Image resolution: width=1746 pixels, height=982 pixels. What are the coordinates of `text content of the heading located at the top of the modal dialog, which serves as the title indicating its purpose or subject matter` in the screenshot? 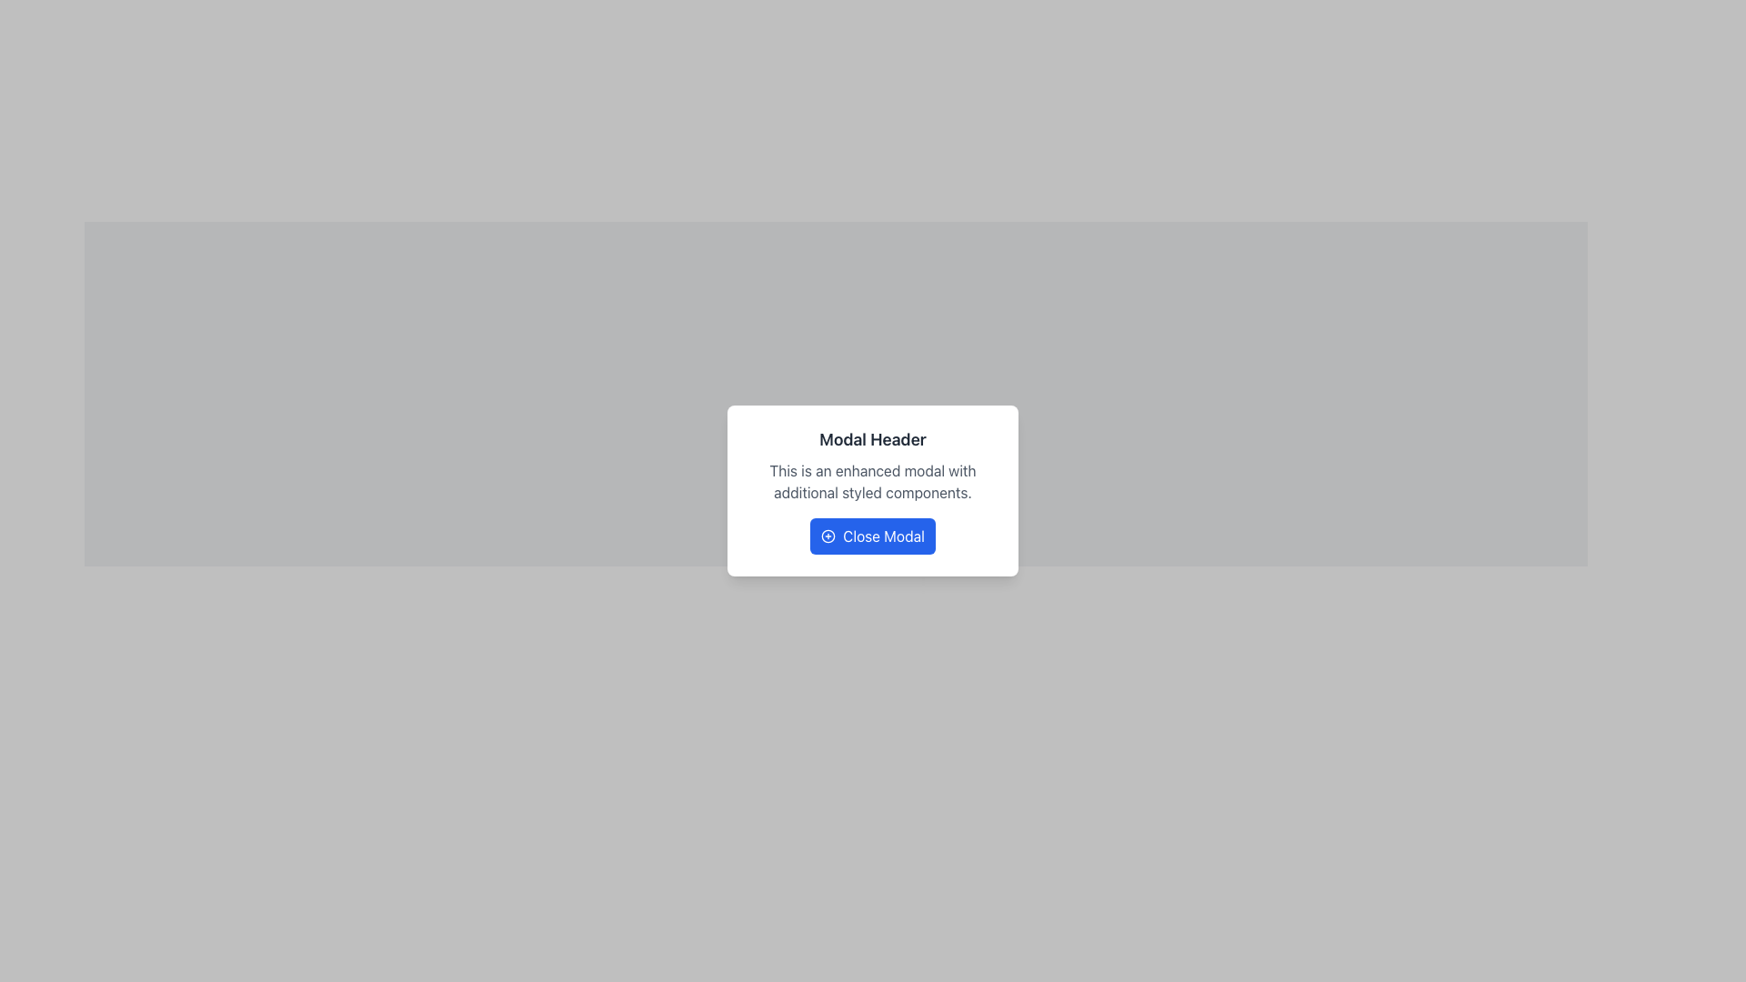 It's located at (873, 439).